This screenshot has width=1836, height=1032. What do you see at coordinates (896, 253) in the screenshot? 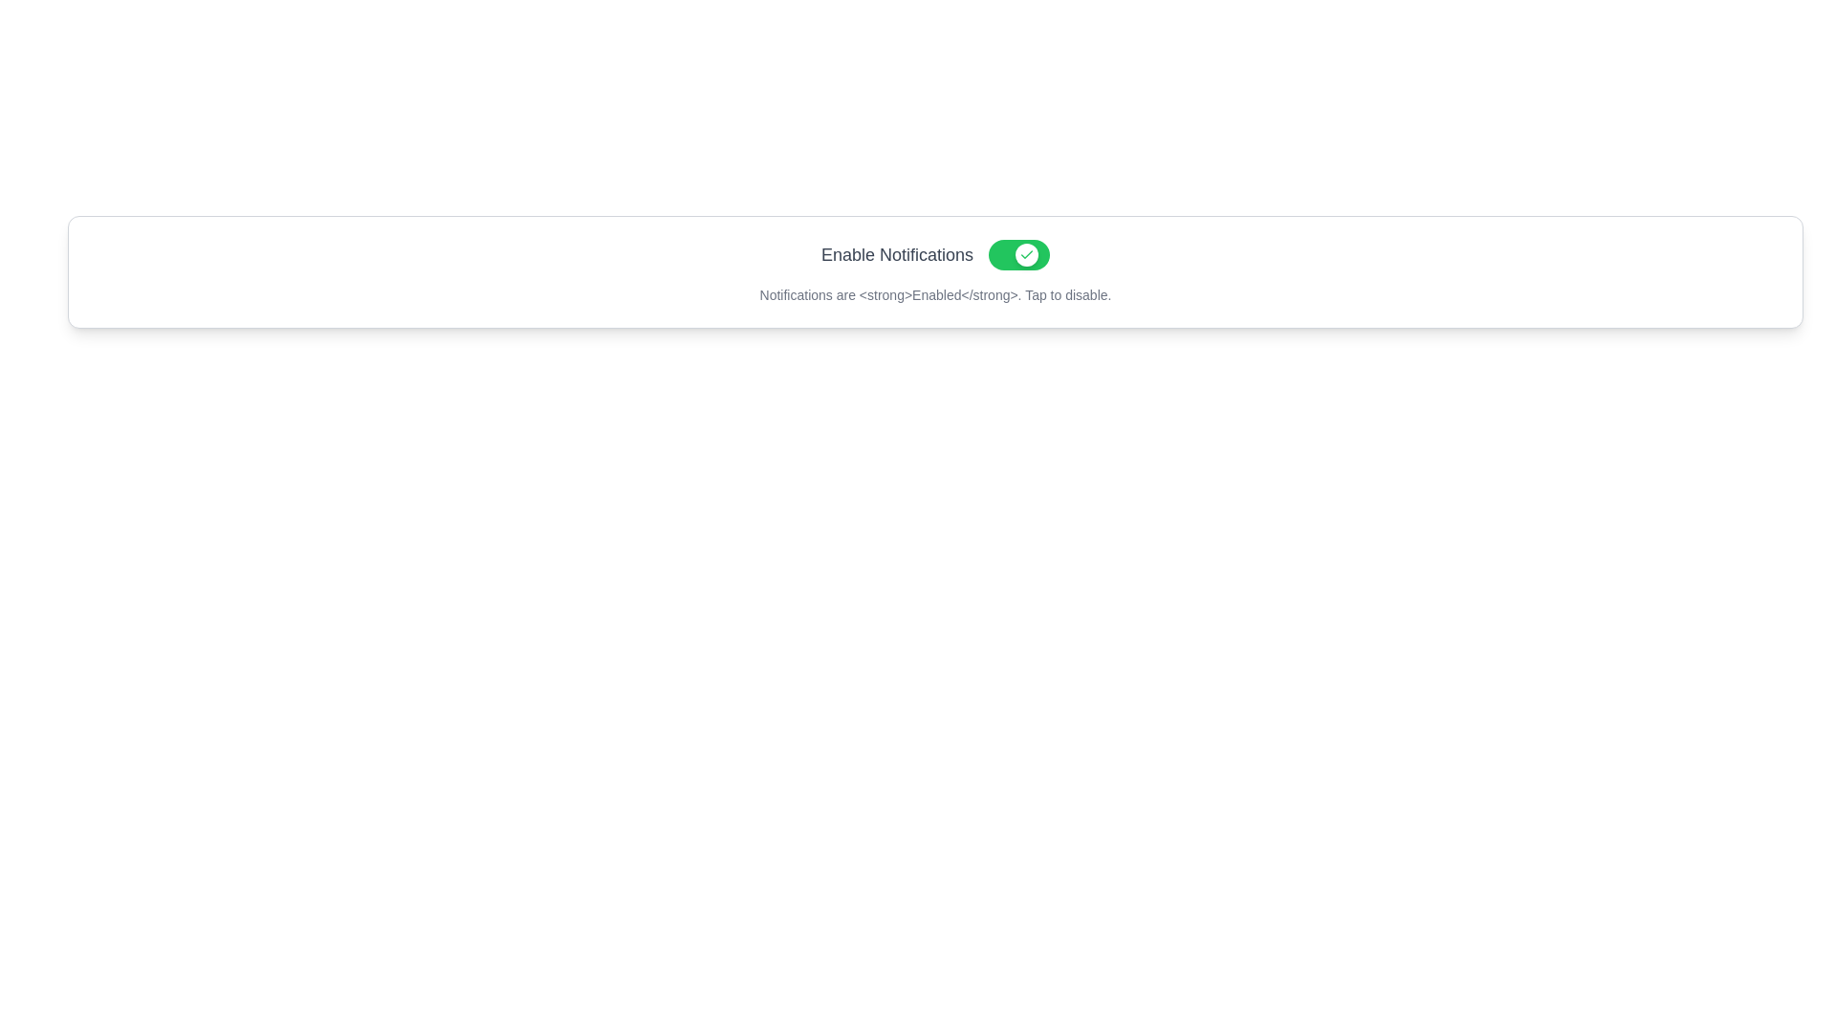
I see `the label that describes the function of the toggle switch, which is horizontally aligned to the left and positioned at the top-center of the page interface` at bounding box center [896, 253].